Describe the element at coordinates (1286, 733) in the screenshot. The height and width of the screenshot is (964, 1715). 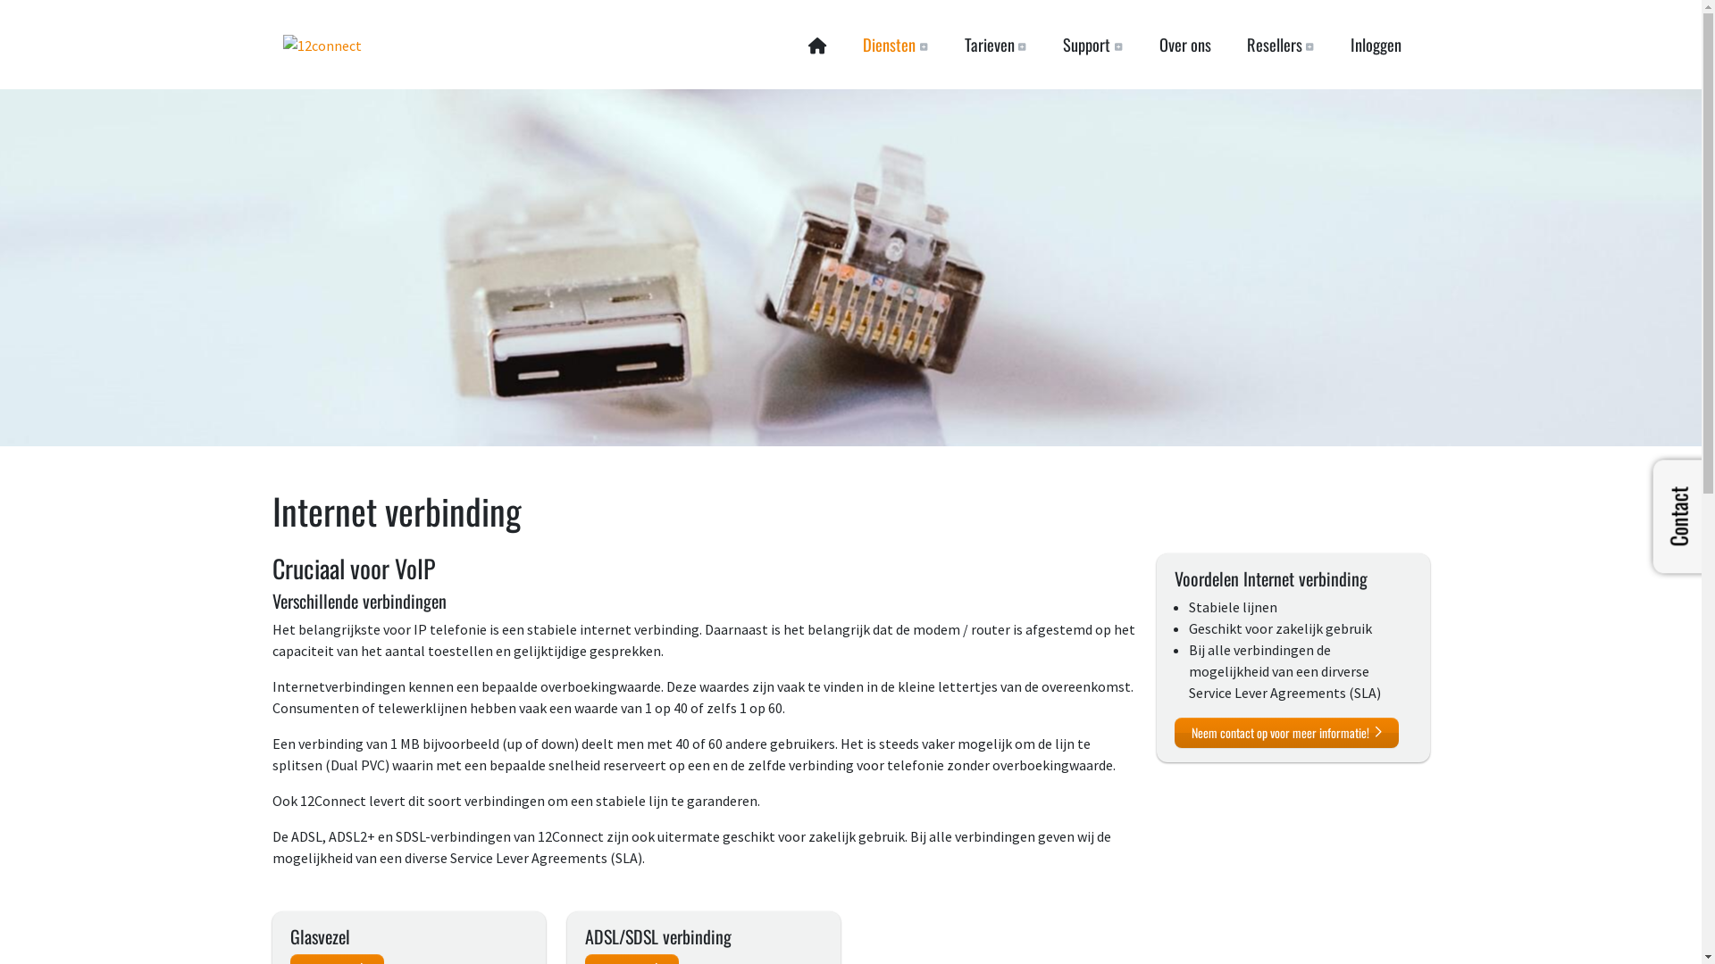
I see `'Neem contact op voor meer informatie!'` at that location.